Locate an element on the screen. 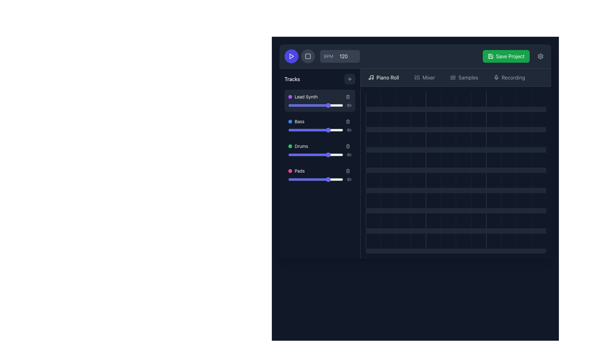  the delete icon button located in the bottom-right corner of the 'Pads' entry in the 'Tracks' section is located at coordinates (348, 171).